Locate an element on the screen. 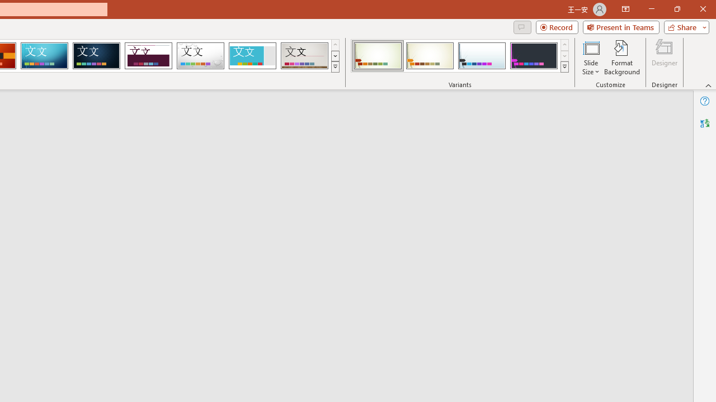 The image size is (716, 402). 'Gallery' is located at coordinates (304, 56).